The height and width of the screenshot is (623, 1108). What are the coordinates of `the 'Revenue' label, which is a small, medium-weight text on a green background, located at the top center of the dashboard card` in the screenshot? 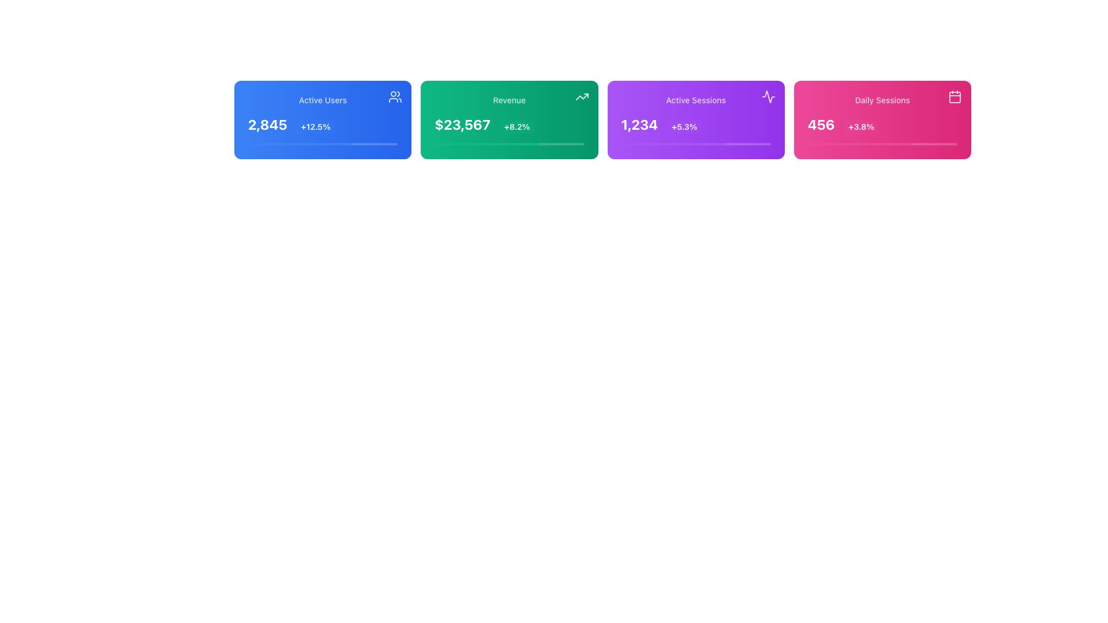 It's located at (508, 99).